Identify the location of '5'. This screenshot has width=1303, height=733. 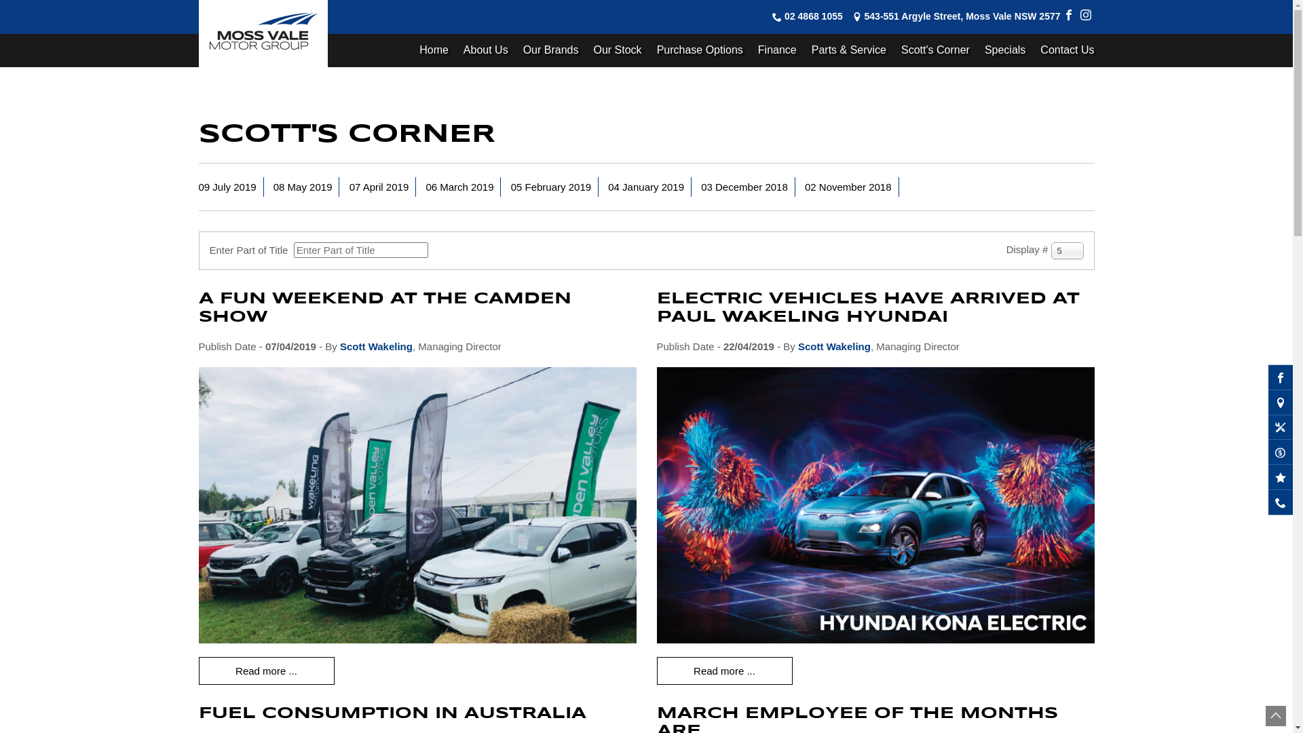
(1066, 250).